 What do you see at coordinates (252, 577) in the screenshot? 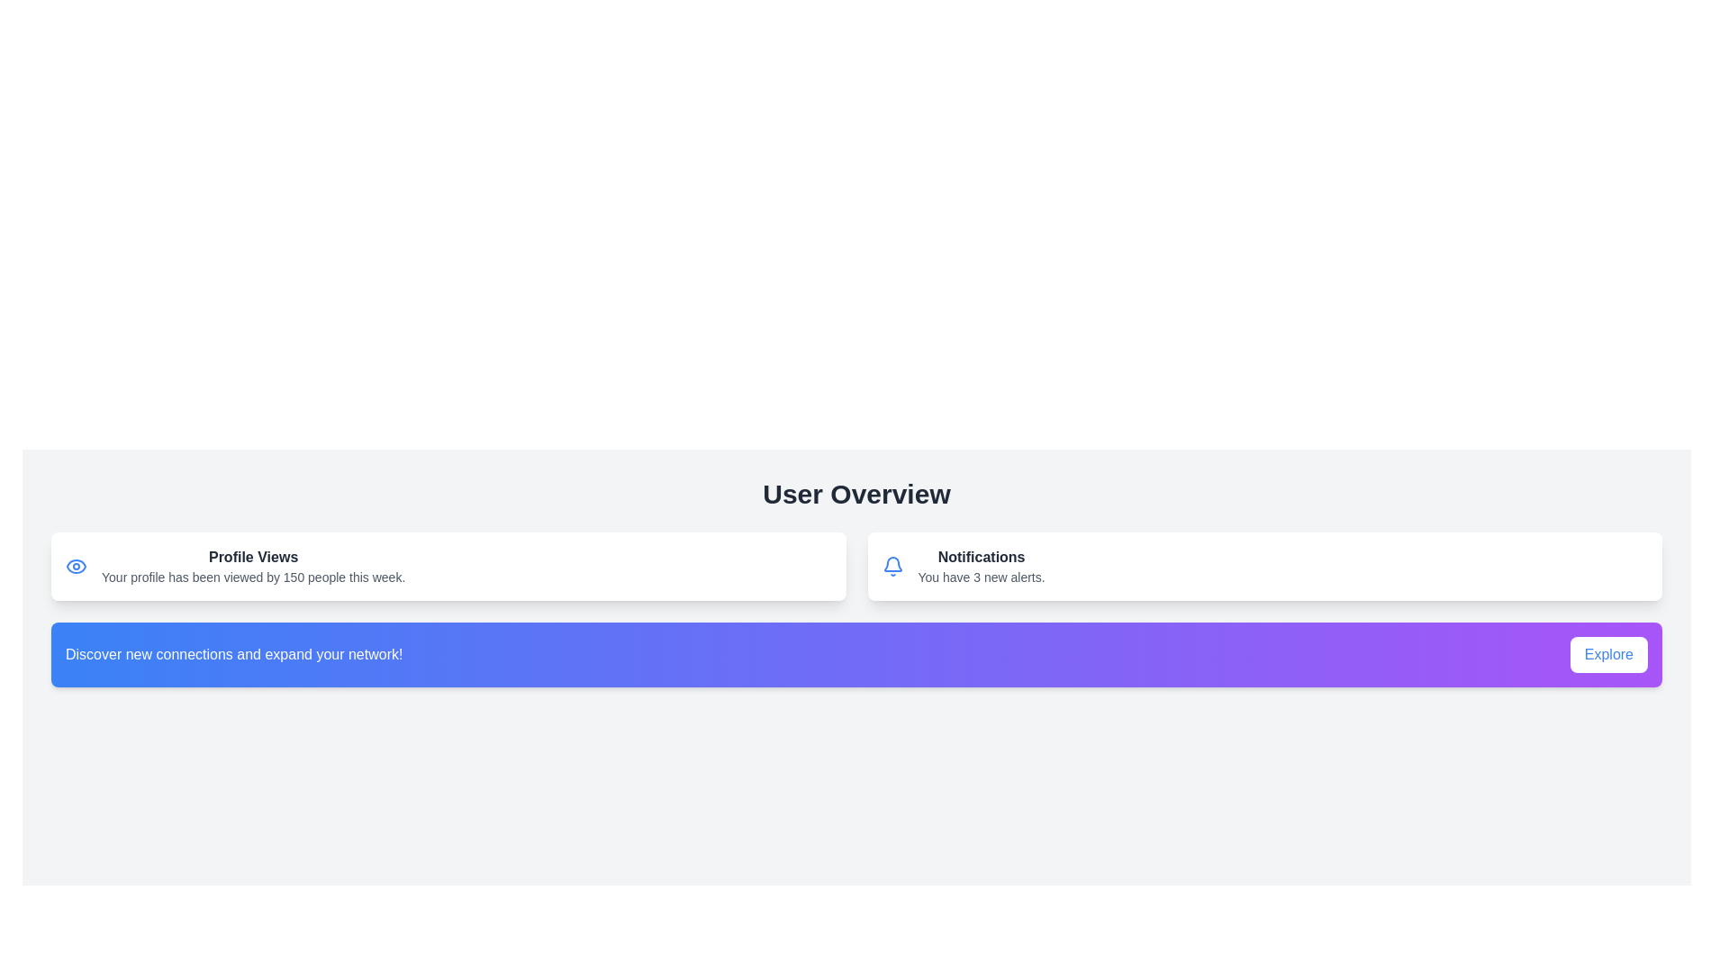
I see `the static text displaying the number of profile views received in the past week, located beneath the 'Profile Views' text in the statistics panel` at bounding box center [252, 577].